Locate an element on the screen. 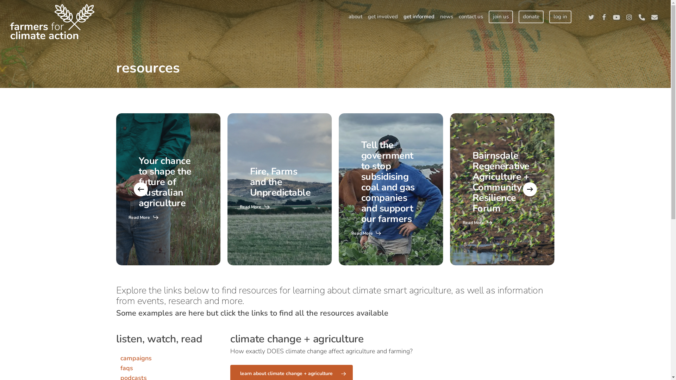 The width and height of the screenshot is (676, 380). 'get informed' is located at coordinates (400, 16).